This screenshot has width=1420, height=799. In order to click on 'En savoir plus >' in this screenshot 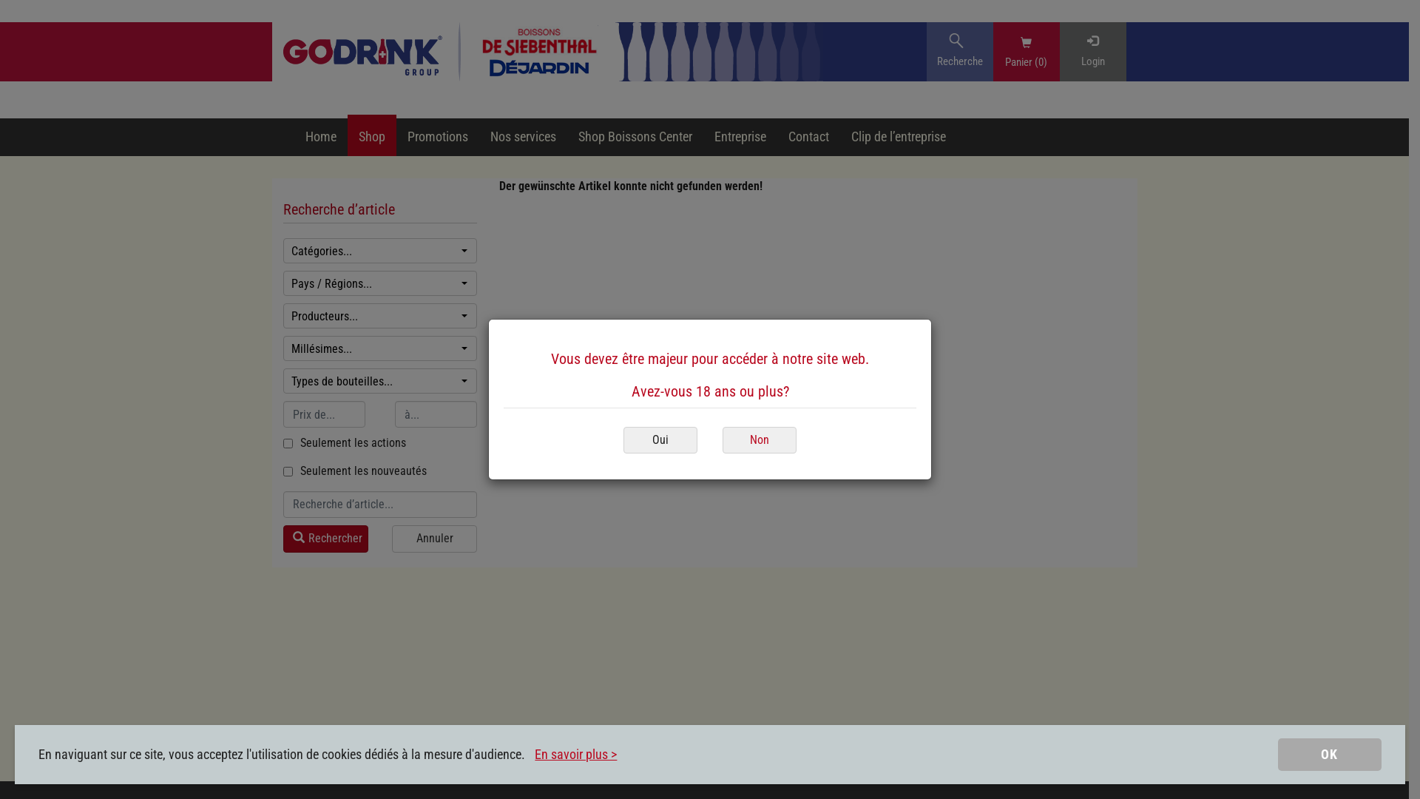, I will do `click(575, 754)`.